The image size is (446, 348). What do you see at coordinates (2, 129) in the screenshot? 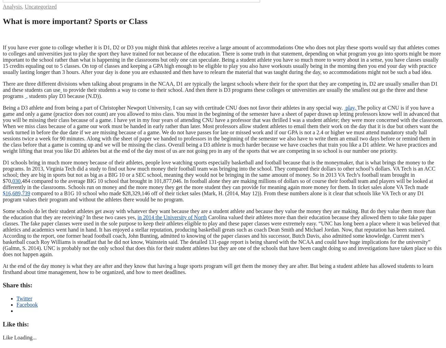
I see `'The policy at CNU is if you have a game and only a game (practice does not count) are you allowed to miss class. You must in the beginning of the semester have a sheet of paper drawn up letting professors know well in advanced that you will be missing their class because of a game. I have yet in my four years of attending CNU have a professor that was thrilled I was a student athlete; they were more concerned with the classroom. When we miss class because of a game our work must be handed in early rather than later. Most professors allow student athletes to email them their work on the day that it is due but others want the work turned in before the due date if we are missing because of a game. We do not have passes for late or missed work and if our GPA is not a 2.4 or higher we must attend mandatory study hall sessions twice a week for 90 minutes. Along with the sheet of paper we handed to professors in the beginning of the semester we also have to write them an email two days before or remind them in the class before that a game is coming up and we will be missing the class. Overall being a D3 athlete is much harder because we have coaches that train you like a D1 athlete. We have practices and weight lifting that treat you like D1 athletes but at the end of the day most of us are not going pro in any of the sports that we are competing in so school is our number one priority.'` at bounding box center [2, 129].